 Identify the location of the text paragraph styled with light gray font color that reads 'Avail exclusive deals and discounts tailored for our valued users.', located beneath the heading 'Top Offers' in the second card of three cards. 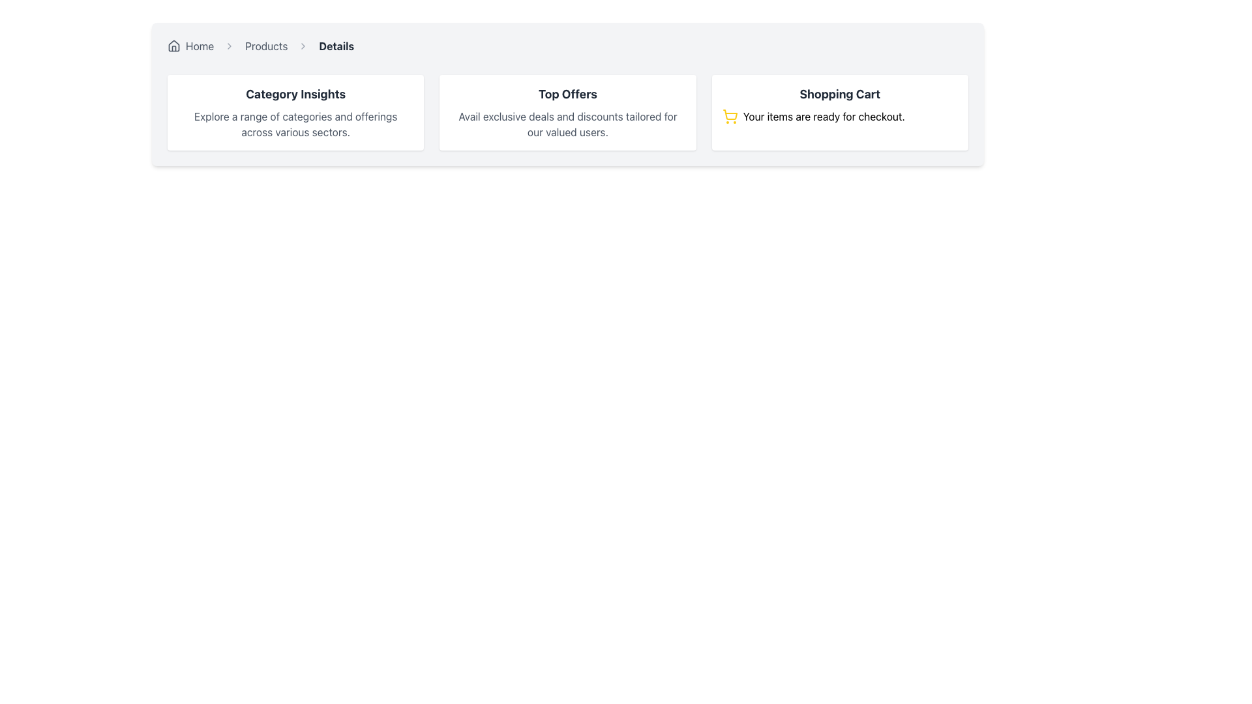
(567, 125).